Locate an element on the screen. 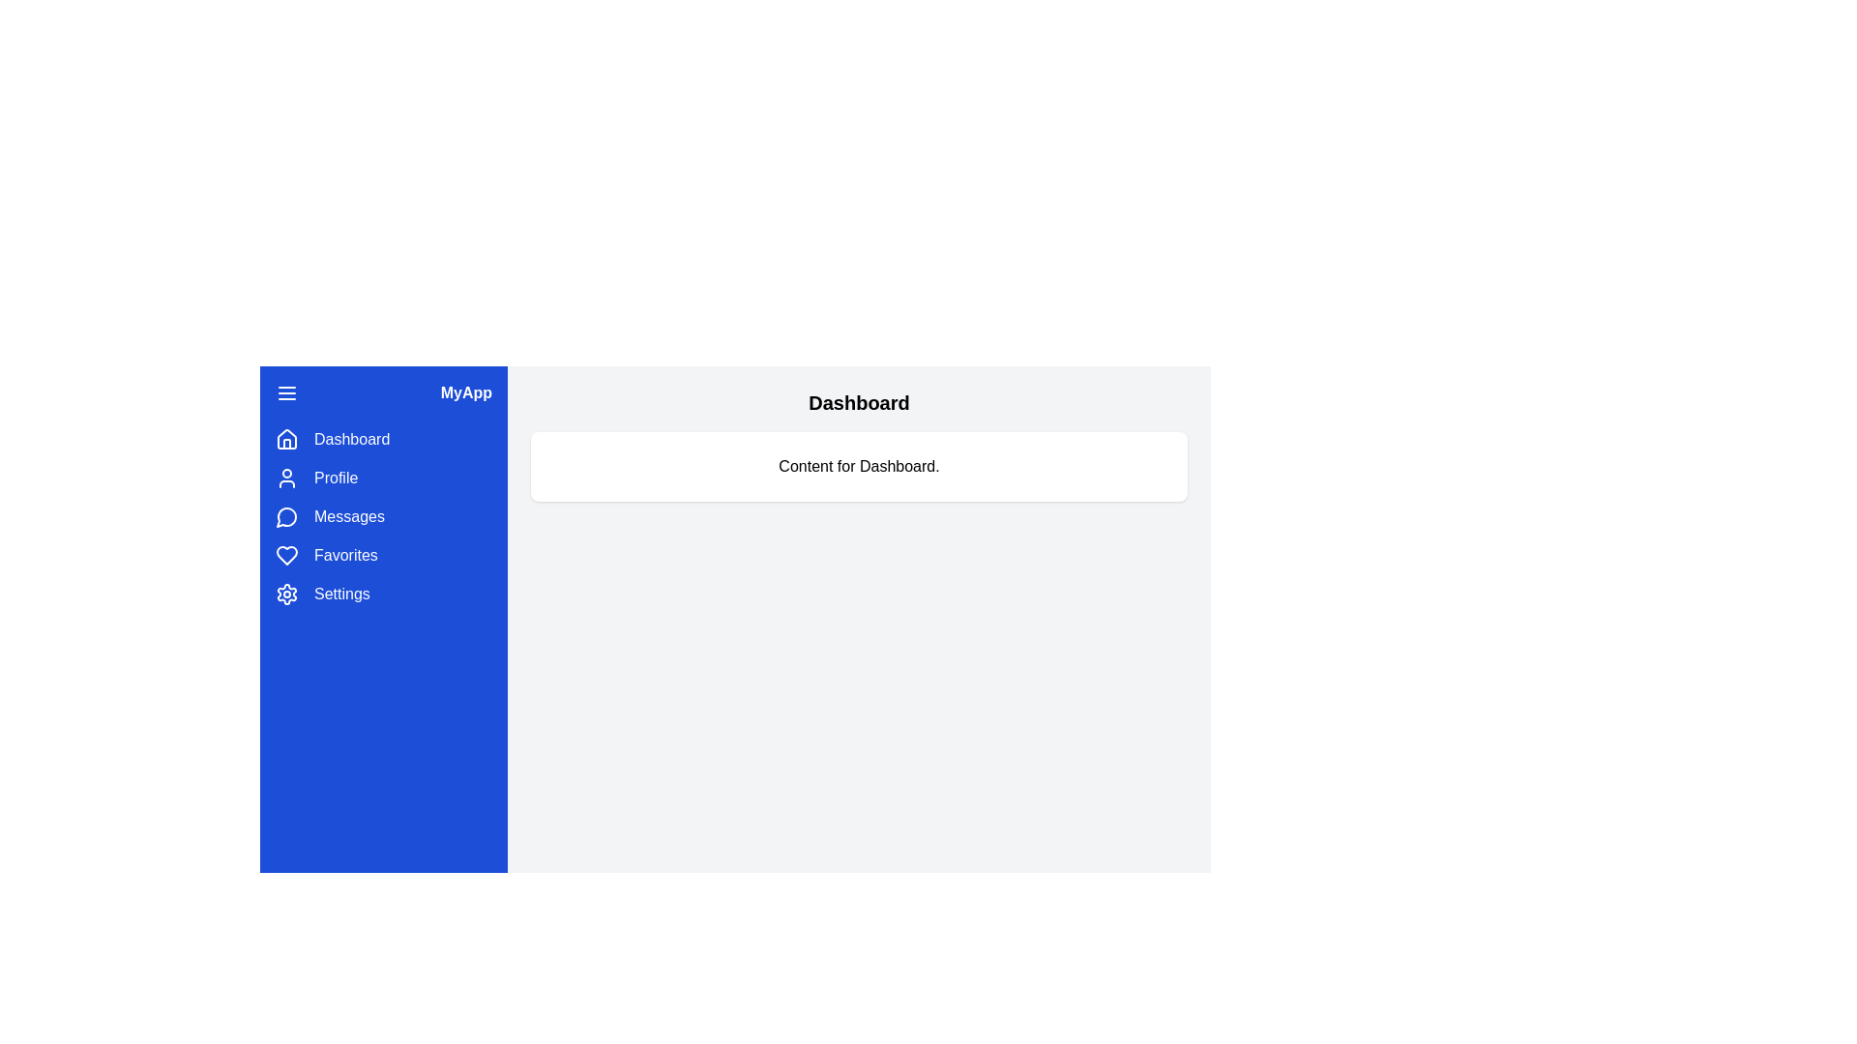 The image size is (1857, 1044). the heart-shaped icon in the 'Favorites' sidebar menu is located at coordinates (286, 555).